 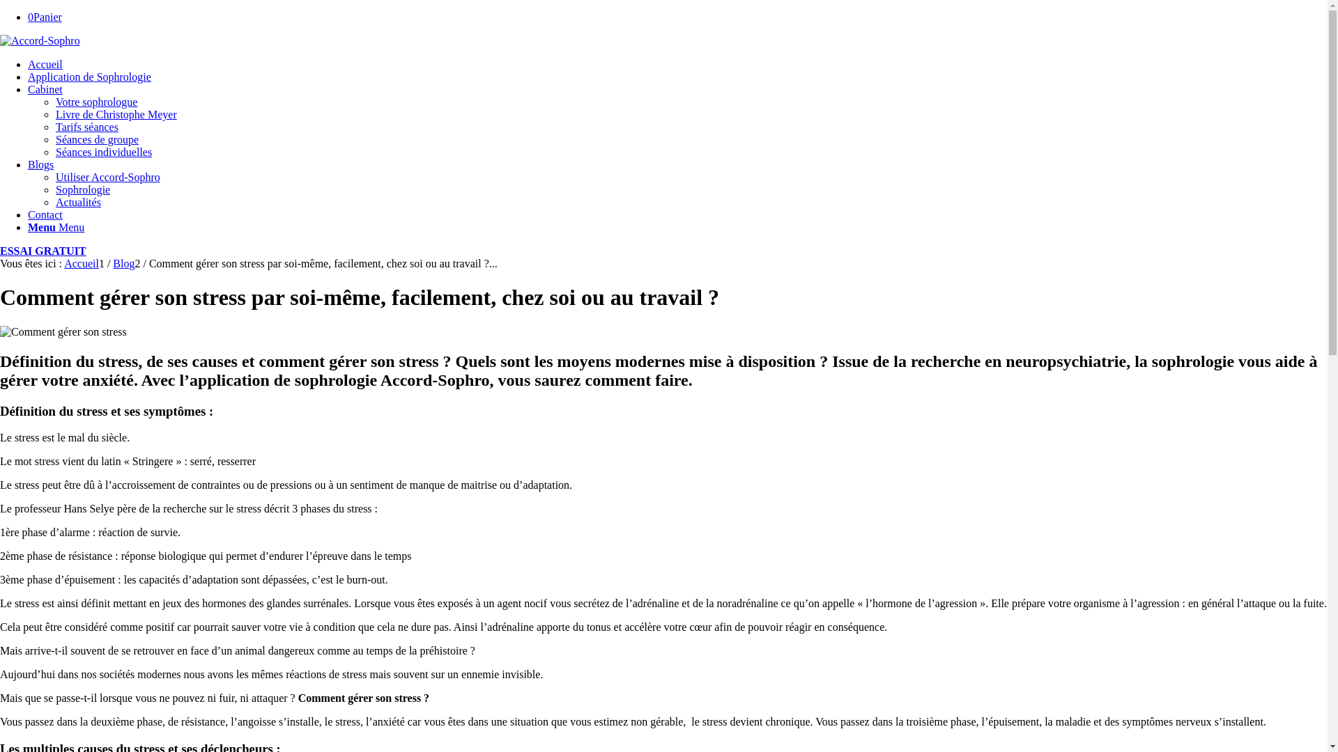 What do you see at coordinates (63, 263) in the screenshot?
I see `'Accueil'` at bounding box center [63, 263].